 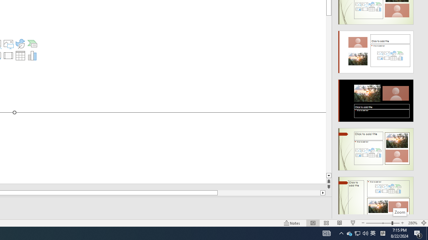 I want to click on 'Reading View', so click(x=339, y=223).